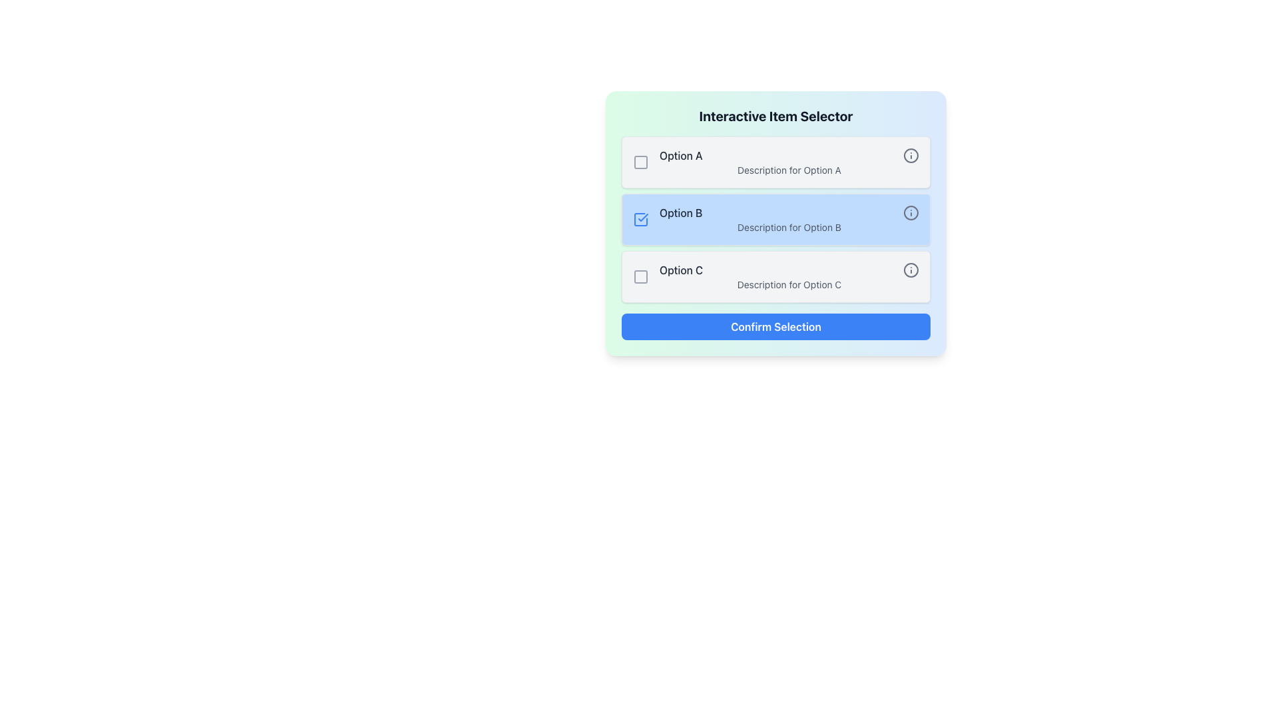  What do you see at coordinates (776, 222) in the screenshot?
I see `the second selectable option in the button group, which has a gradient background from green` at bounding box center [776, 222].